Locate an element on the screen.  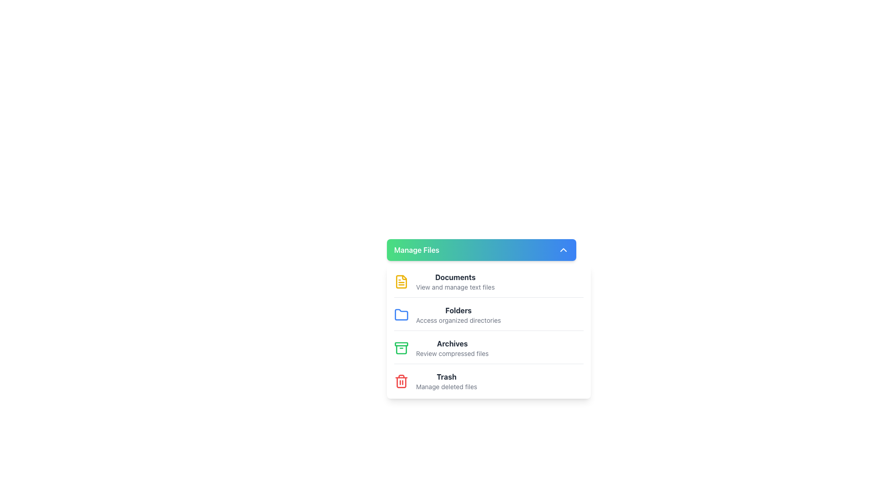
the List item titled 'Archives' that contains the description 'Review compressed files' and an icon of a green archive box is located at coordinates (452, 348).